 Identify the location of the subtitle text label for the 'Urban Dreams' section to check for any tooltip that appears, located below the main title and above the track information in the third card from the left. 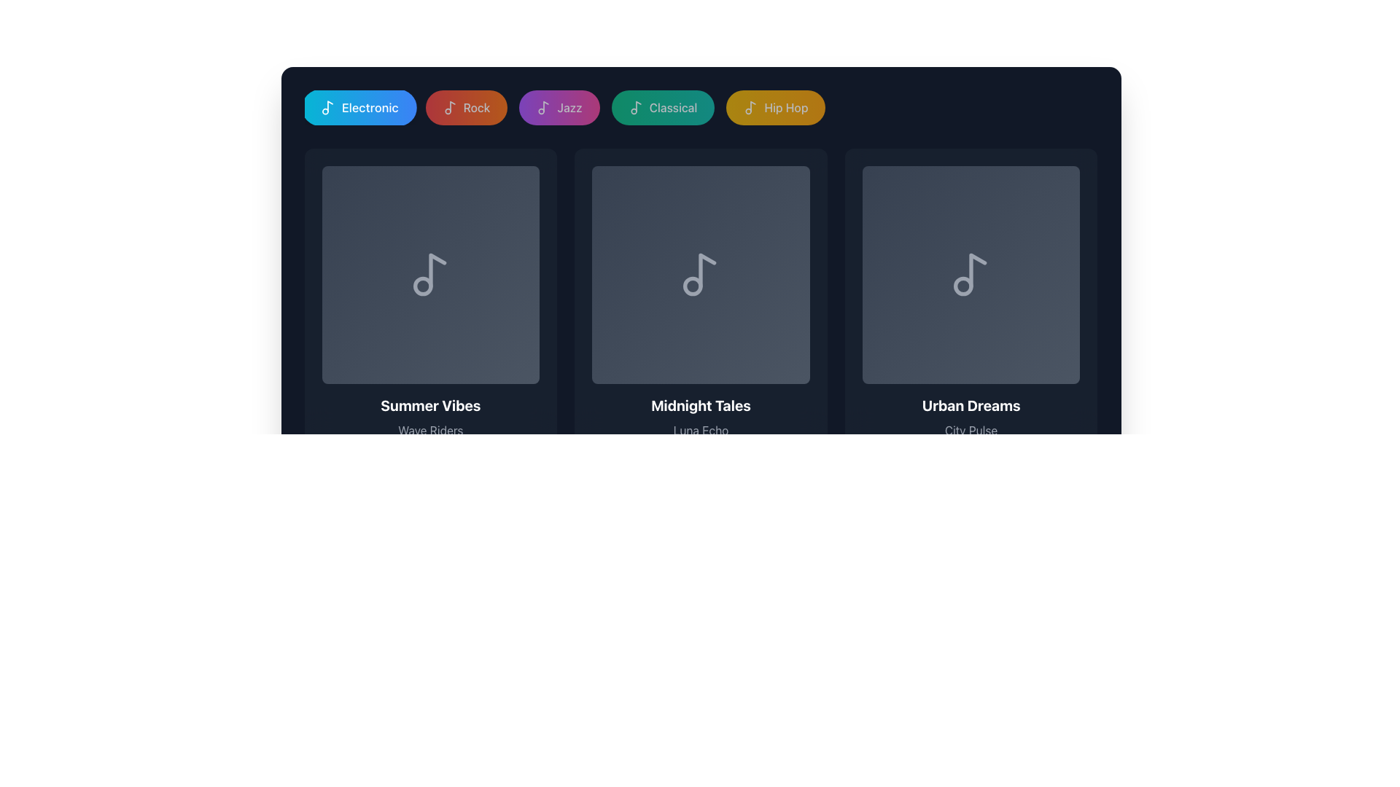
(971, 429).